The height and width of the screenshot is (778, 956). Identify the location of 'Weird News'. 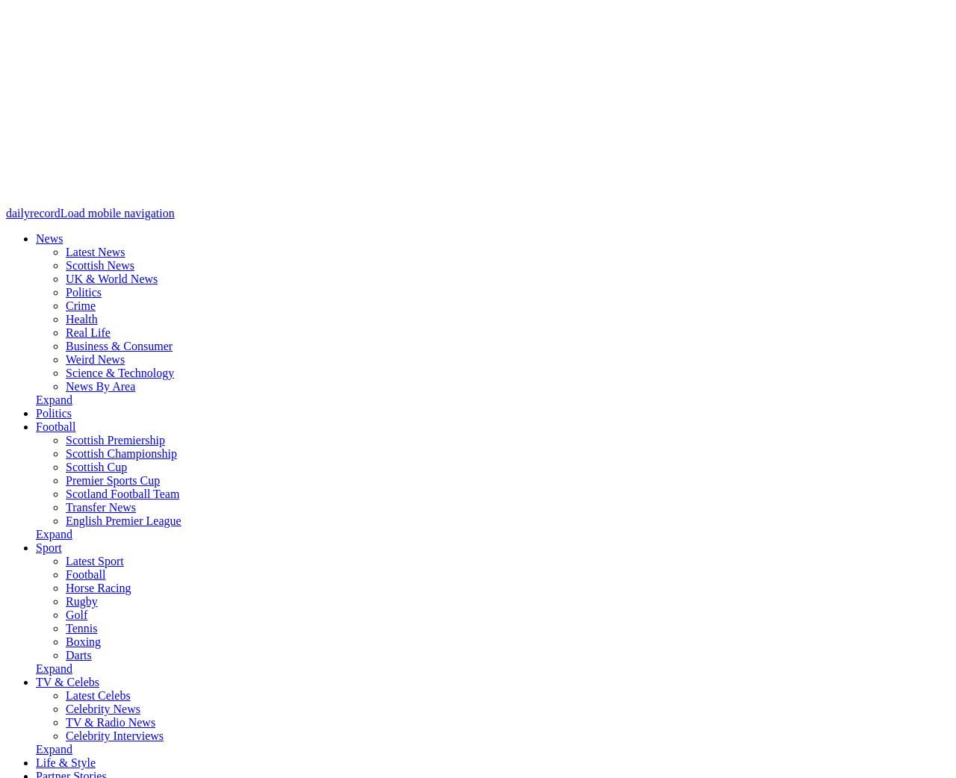
(94, 359).